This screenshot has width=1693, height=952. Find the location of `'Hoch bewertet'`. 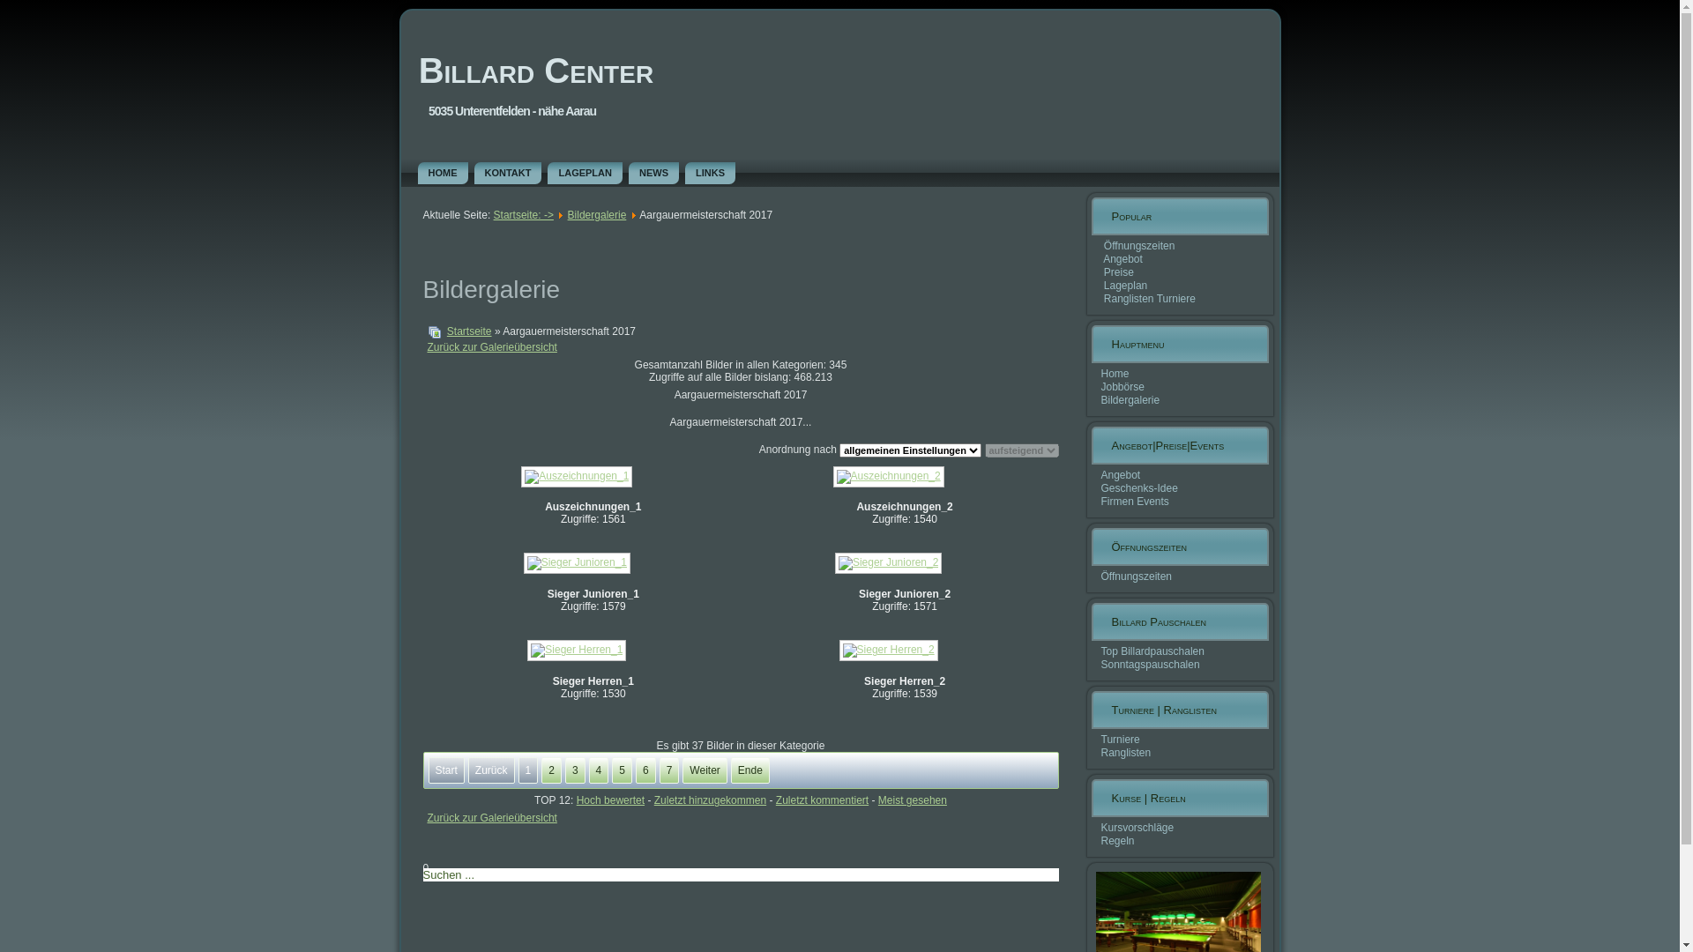

'Hoch bewertet' is located at coordinates (610, 800).